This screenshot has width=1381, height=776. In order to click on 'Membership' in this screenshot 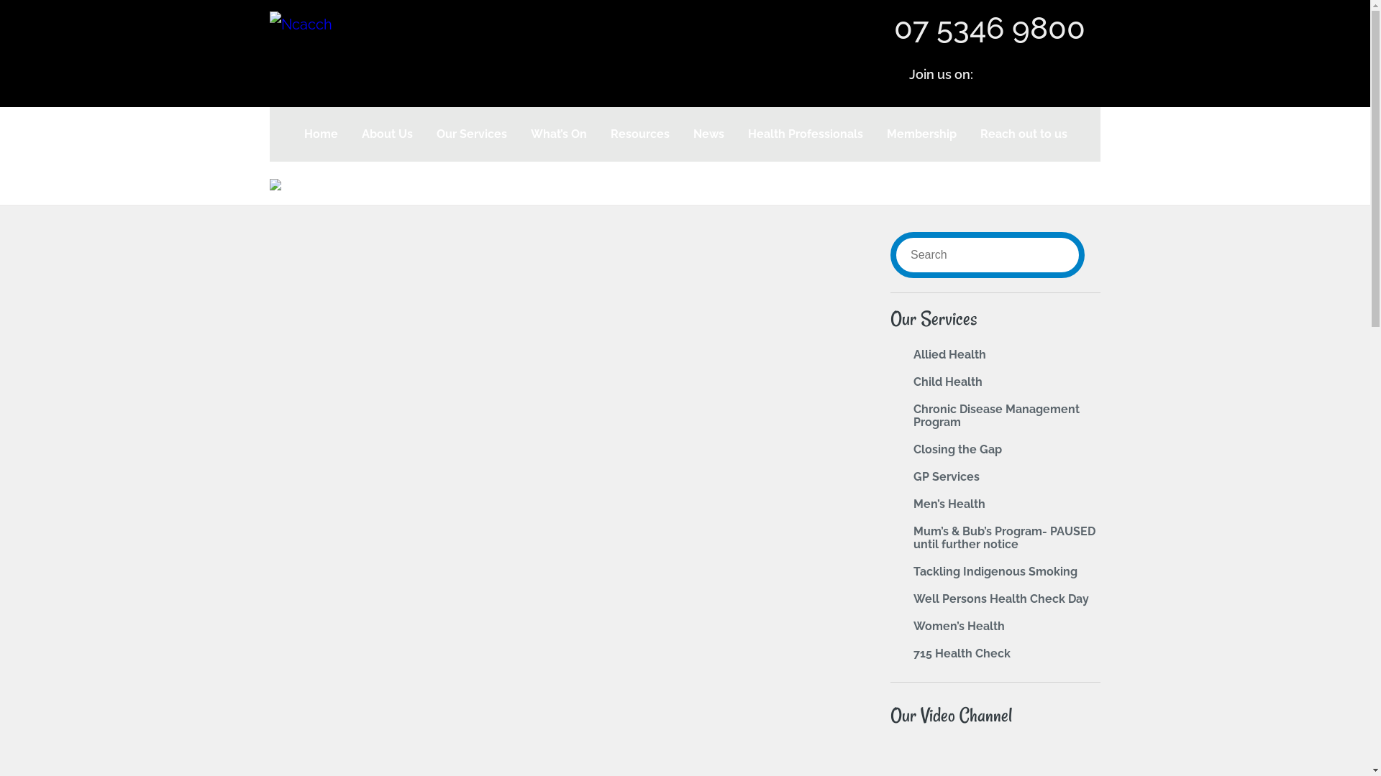, I will do `click(921, 134)`.